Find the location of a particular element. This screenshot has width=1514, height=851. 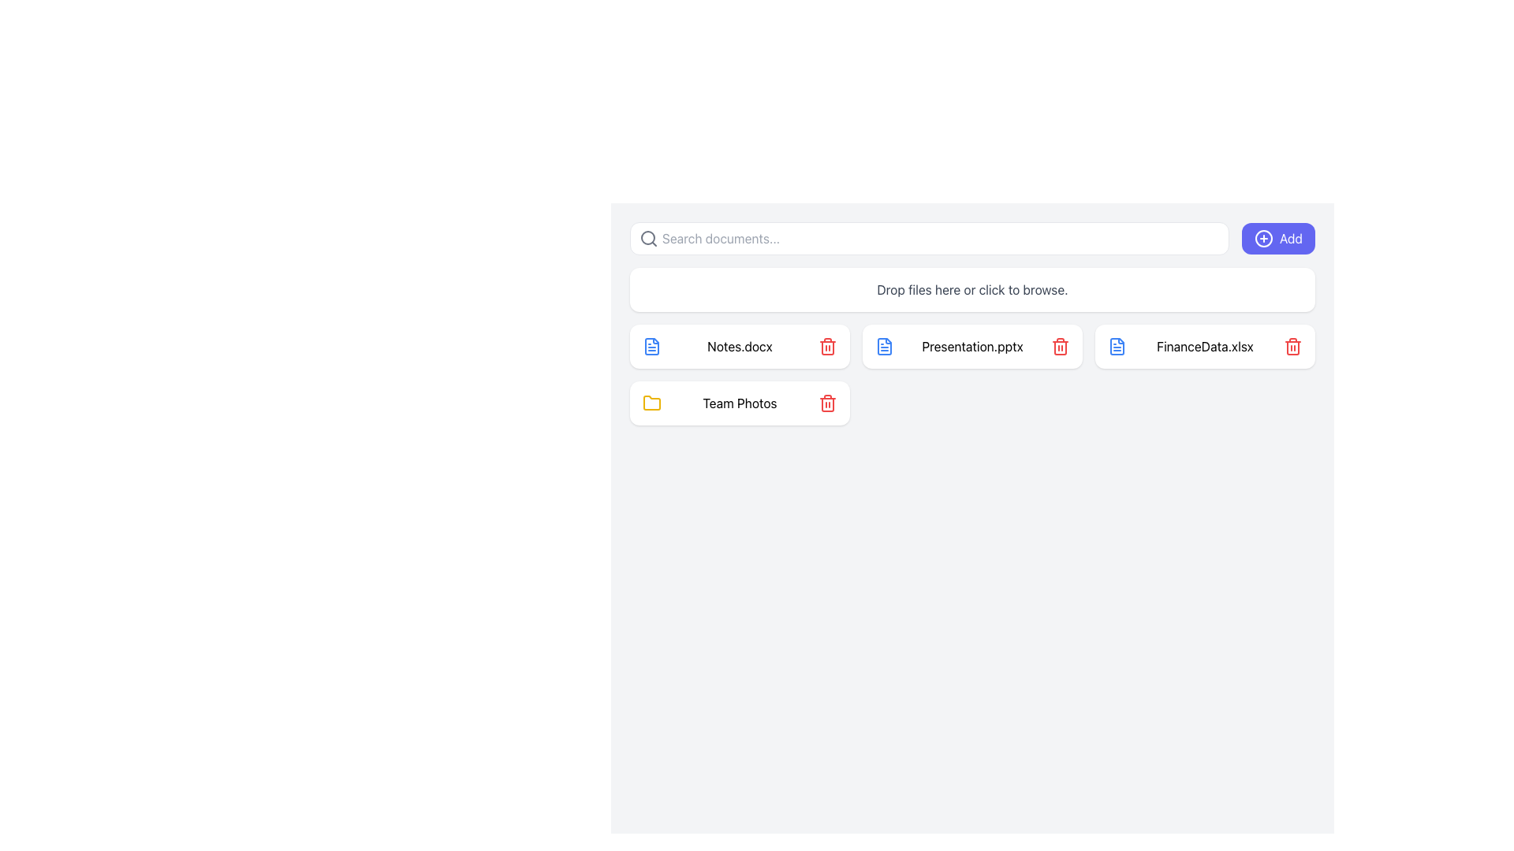

the yellow folder icon on the 'Team Photos' card located in the lower-left section of the file grid is located at coordinates (739, 403).